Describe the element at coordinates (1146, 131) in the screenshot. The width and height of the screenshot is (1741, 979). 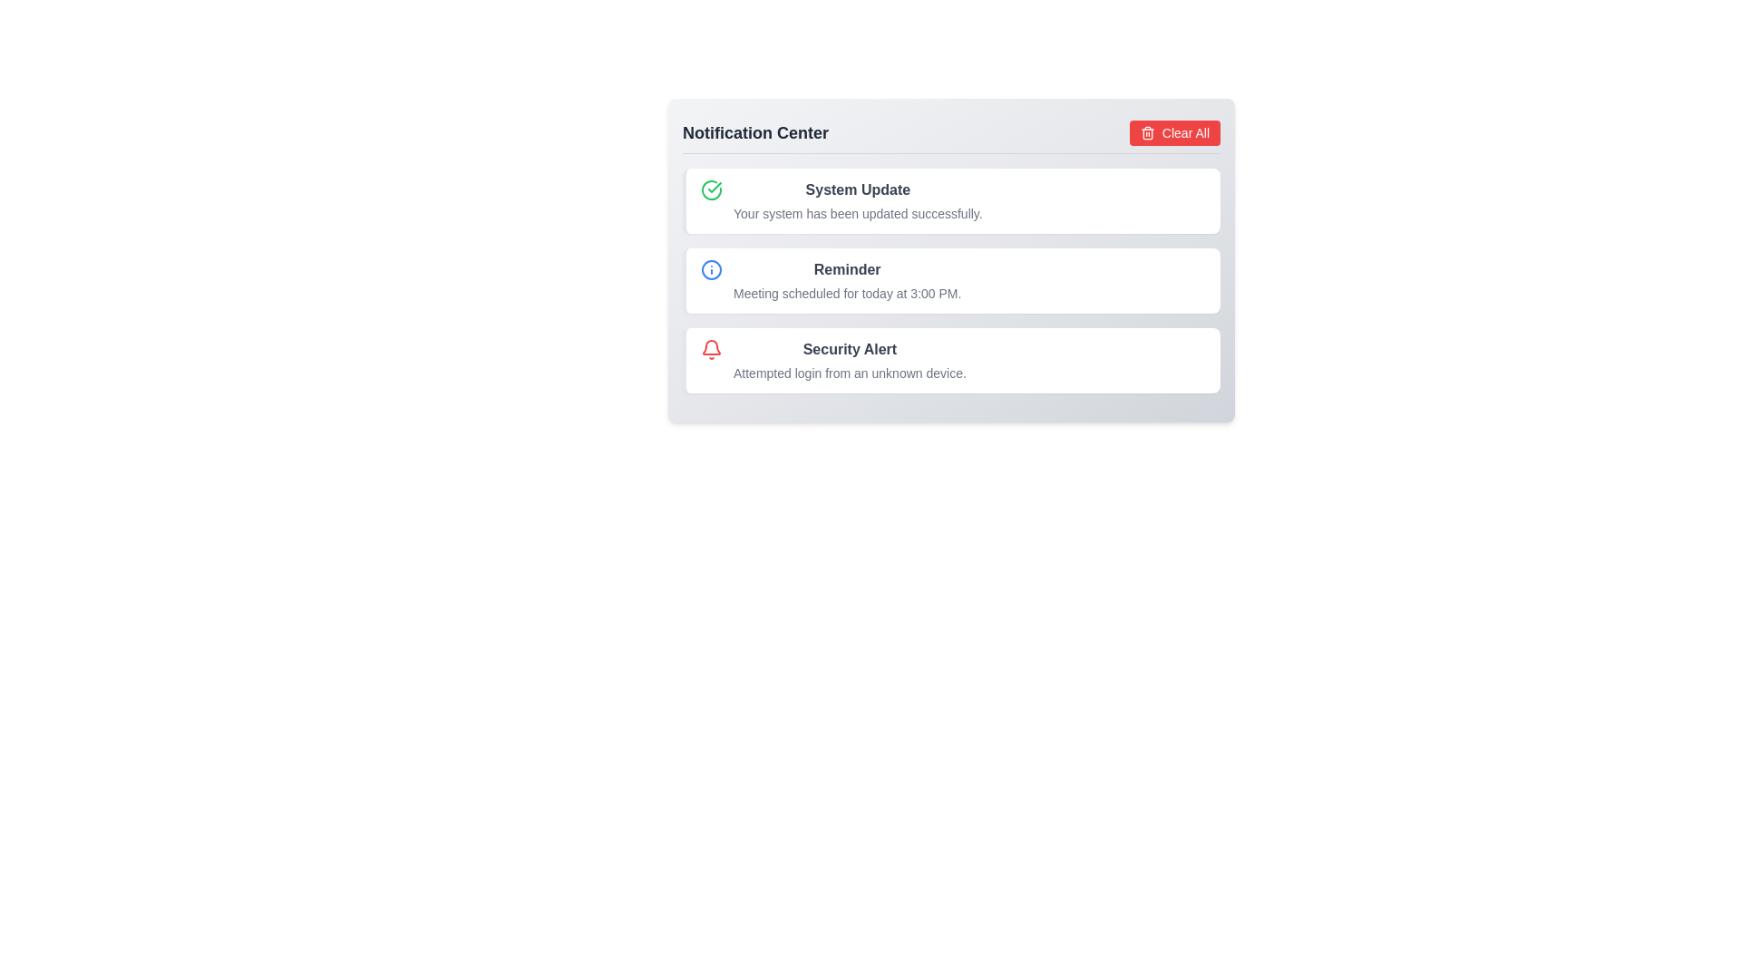
I see `the 'Clear All' button, which is visually represented by an icon located at the top-right corner of the notification panel` at that location.